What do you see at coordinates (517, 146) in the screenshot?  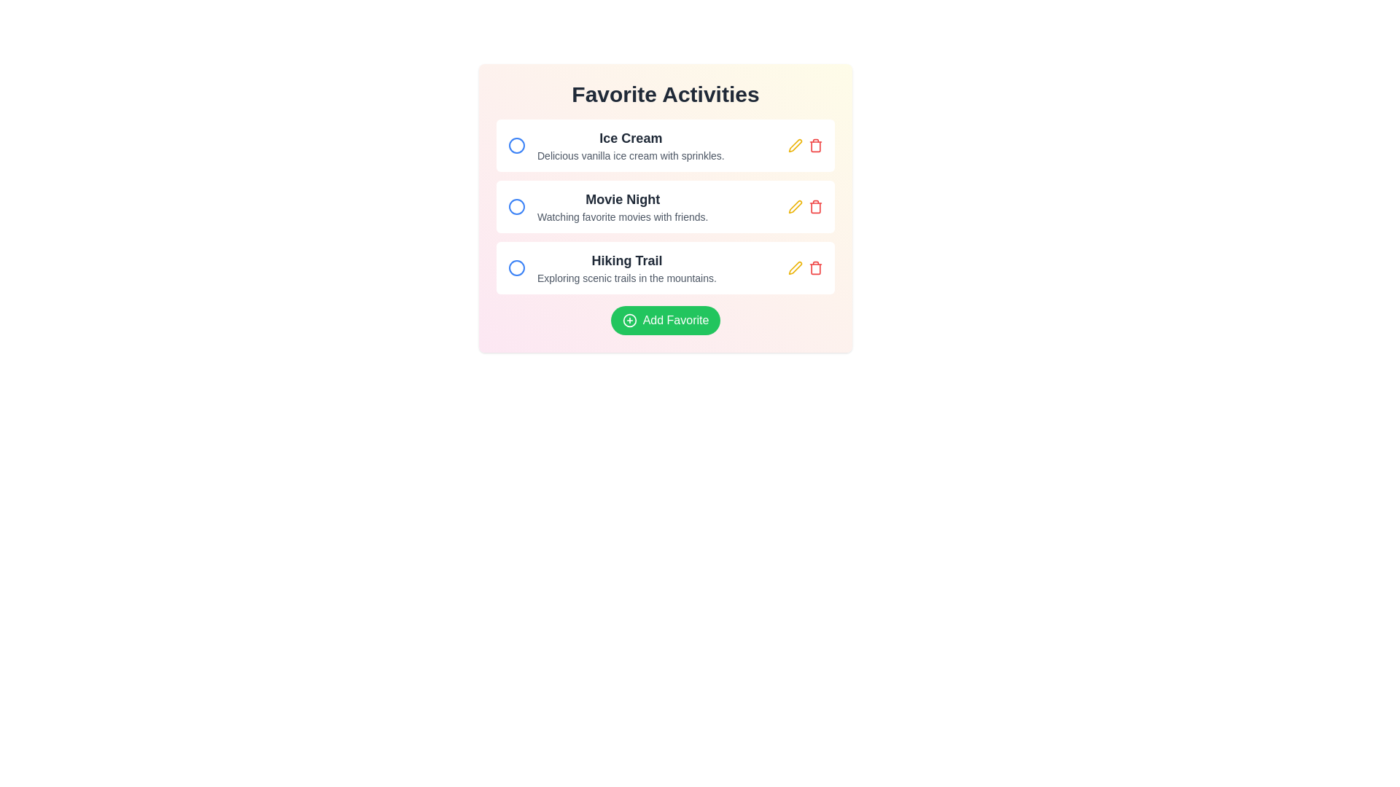 I see `the circular icon with a thin blue border and a white center that is located next to the text block labeled 'Ice Cream'` at bounding box center [517, 146].